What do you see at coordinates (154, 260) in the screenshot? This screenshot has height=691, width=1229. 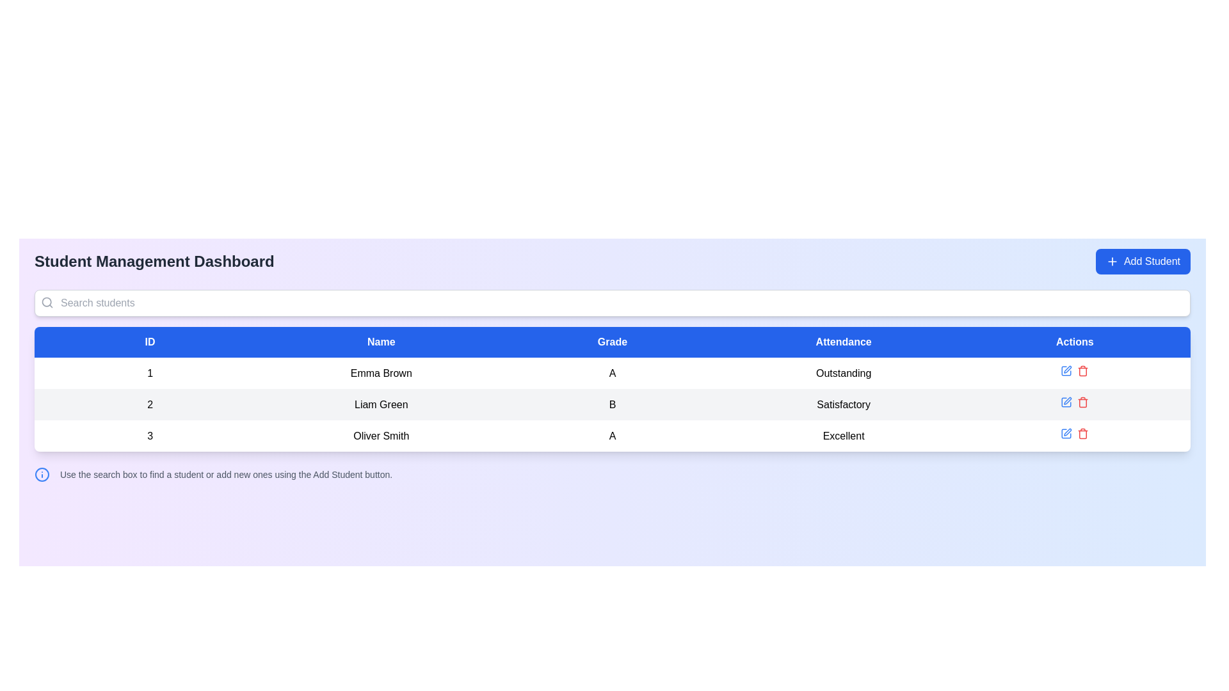 I see `the bold, large-sized textual header that reads 'Student Management Dashboard', prominently positioned at the top of the interface` at bounding box center [154, 260].